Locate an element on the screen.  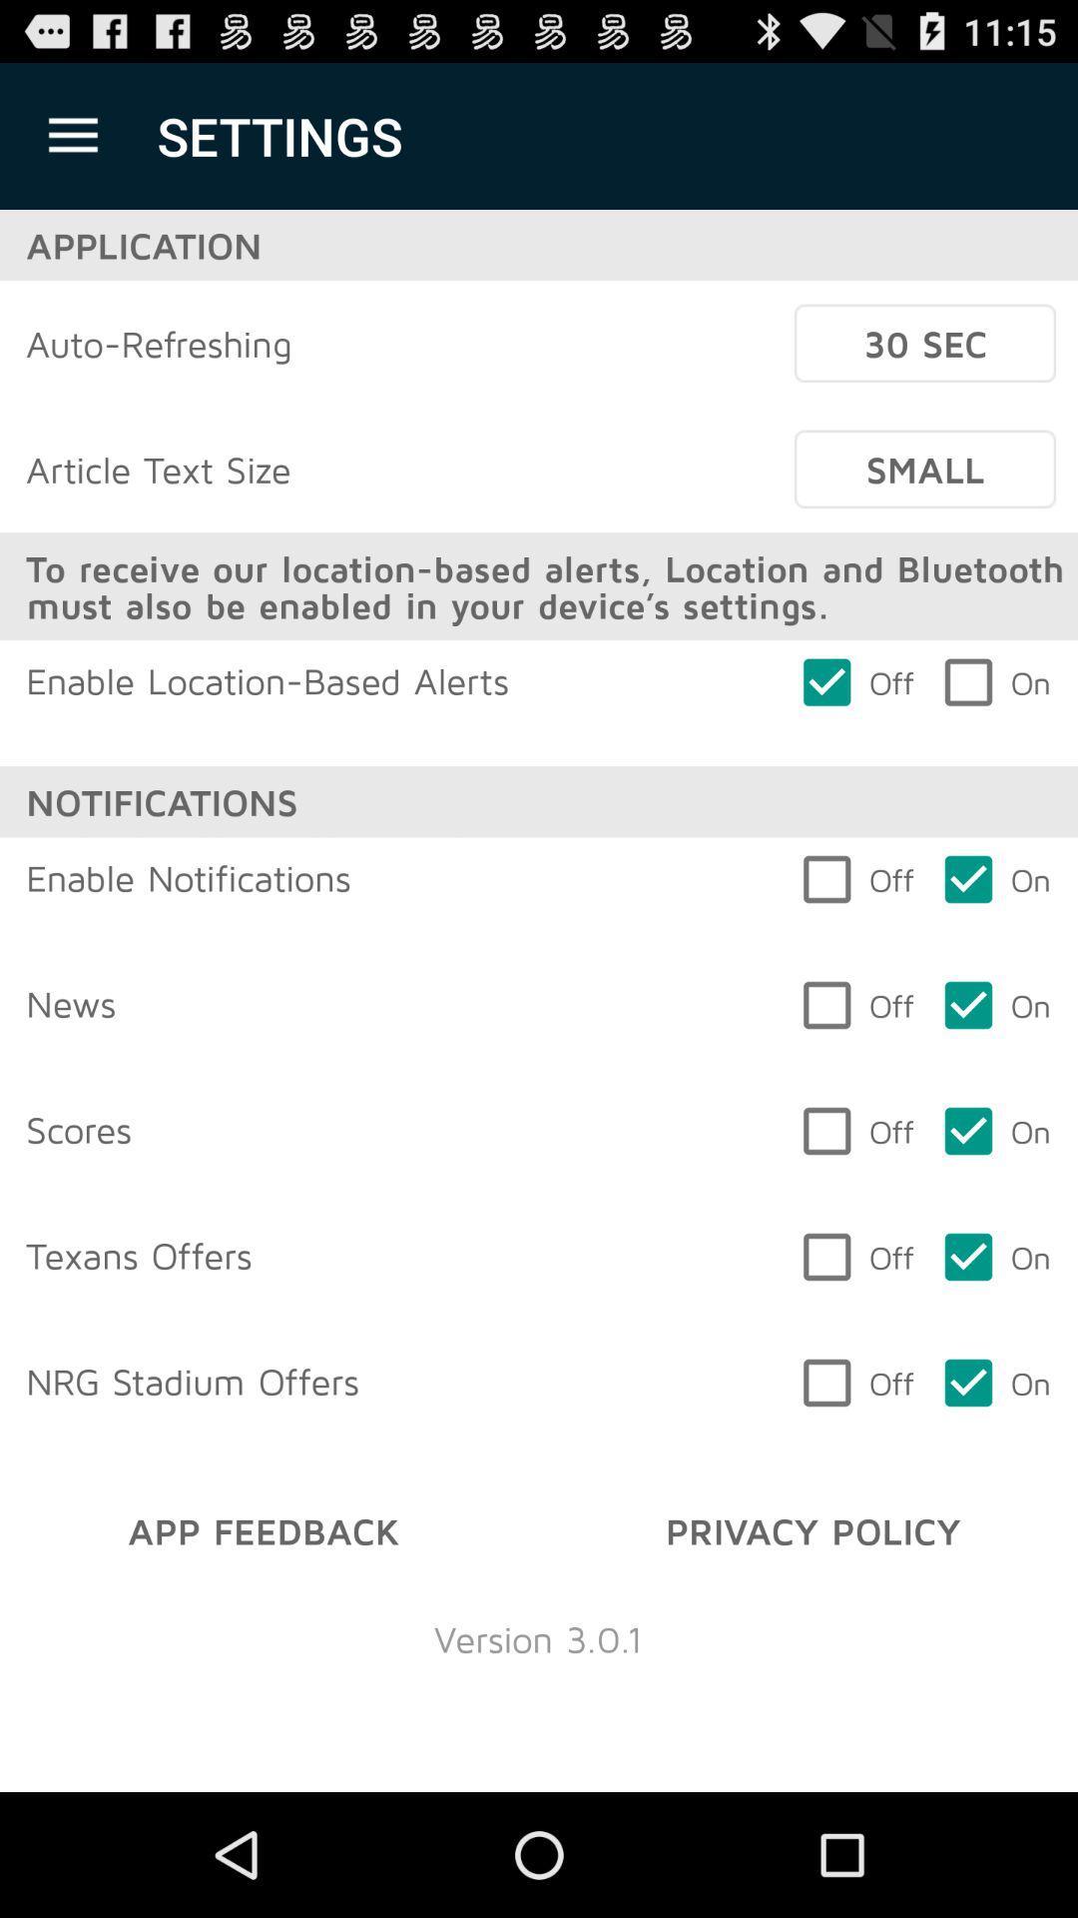
the version 3 0 is located at coordinates (537, 1638).